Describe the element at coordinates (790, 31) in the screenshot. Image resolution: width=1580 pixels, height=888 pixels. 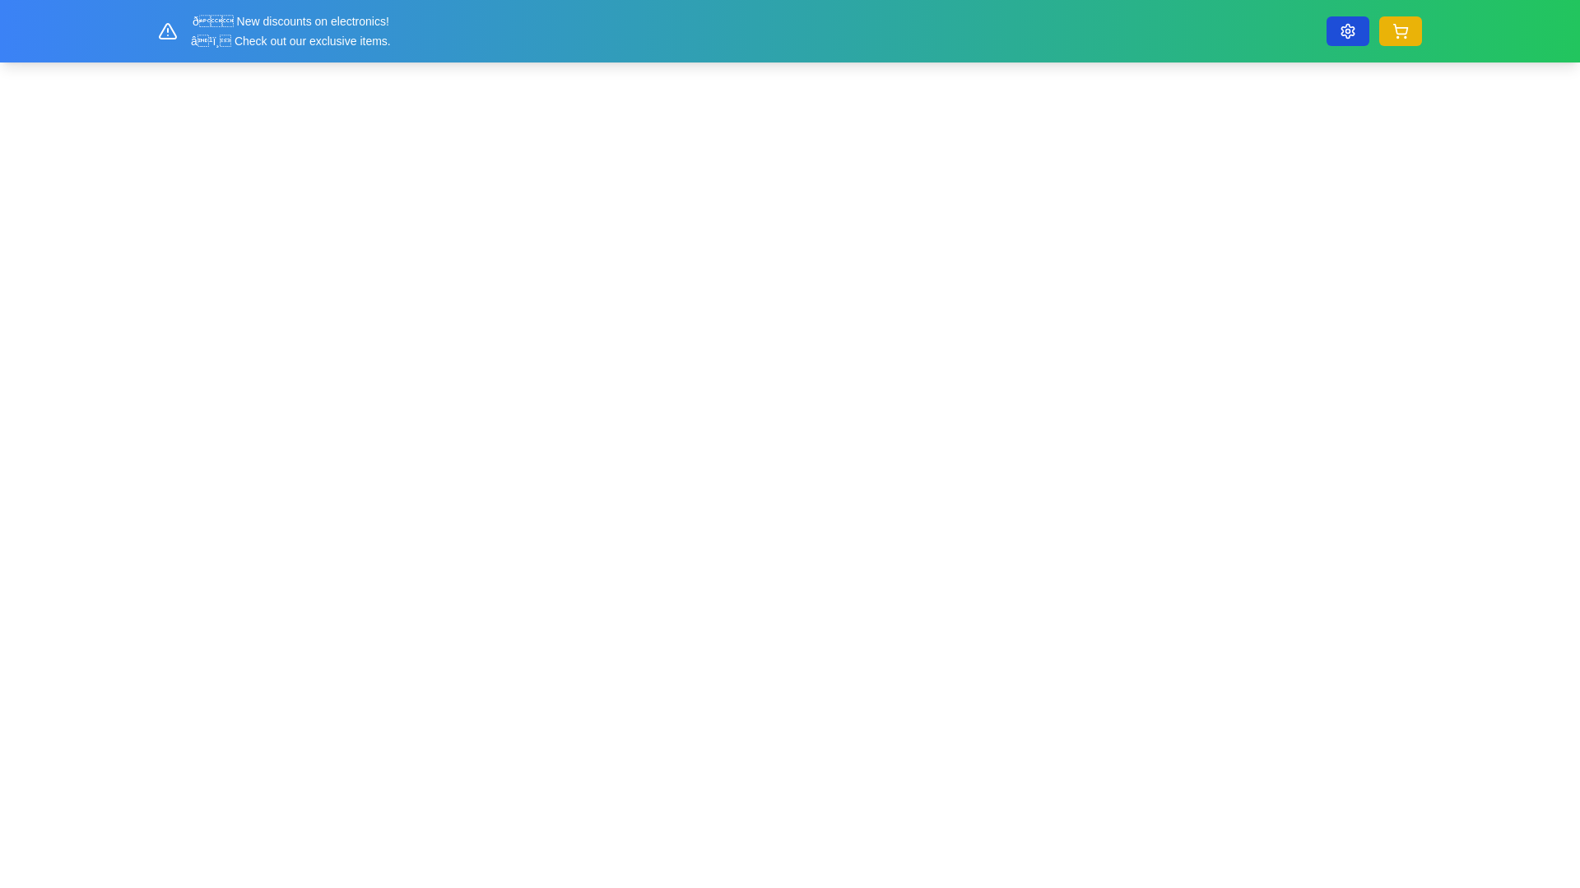
I see `the Notification banner` at that location.